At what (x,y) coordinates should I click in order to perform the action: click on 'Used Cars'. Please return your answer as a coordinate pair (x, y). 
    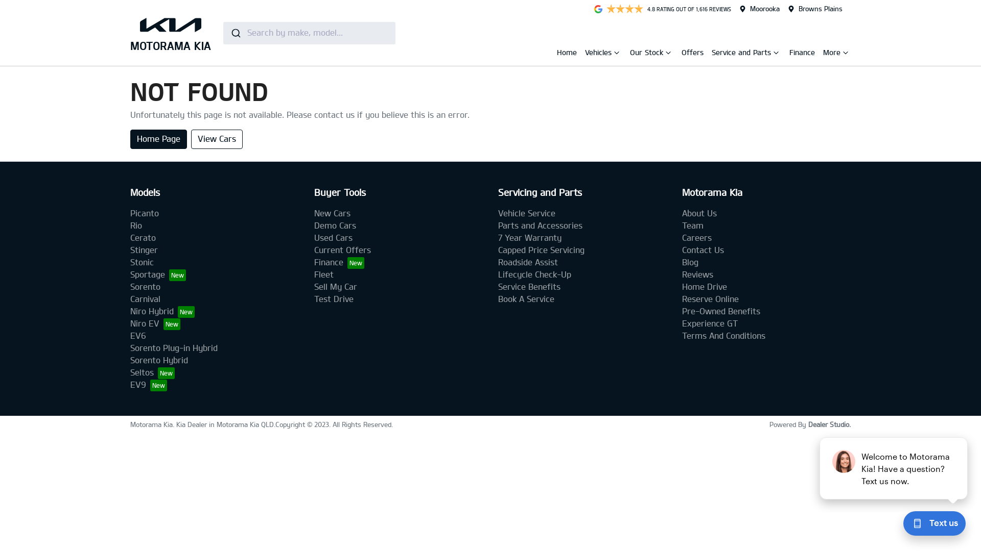
    Looking at the image, I should click on (333, 238).